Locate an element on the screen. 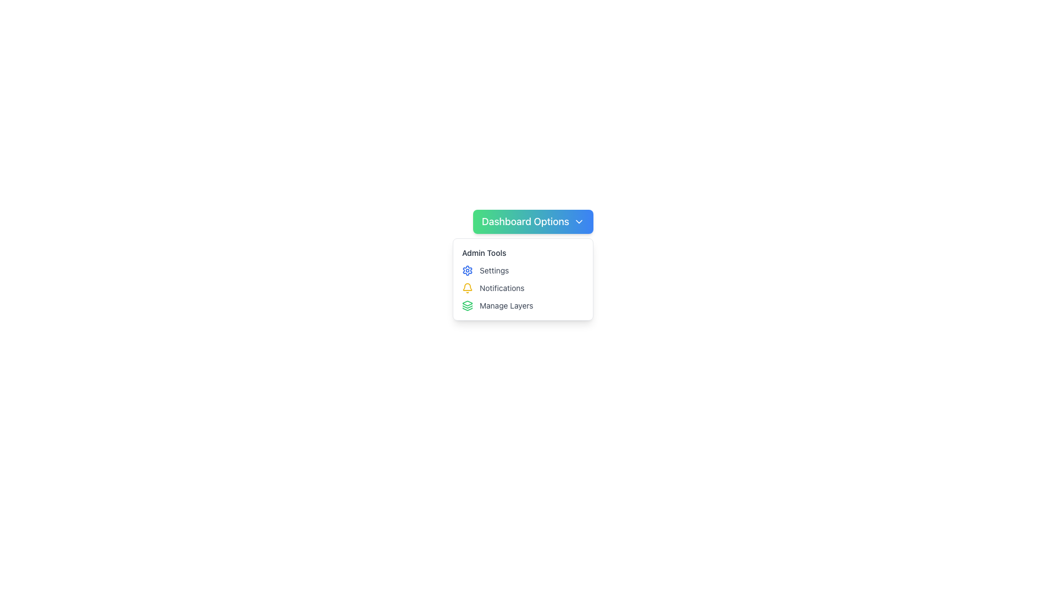  the gear icon located under the 'Dashboard Options' dropdown is located at coordinates (467, 271).